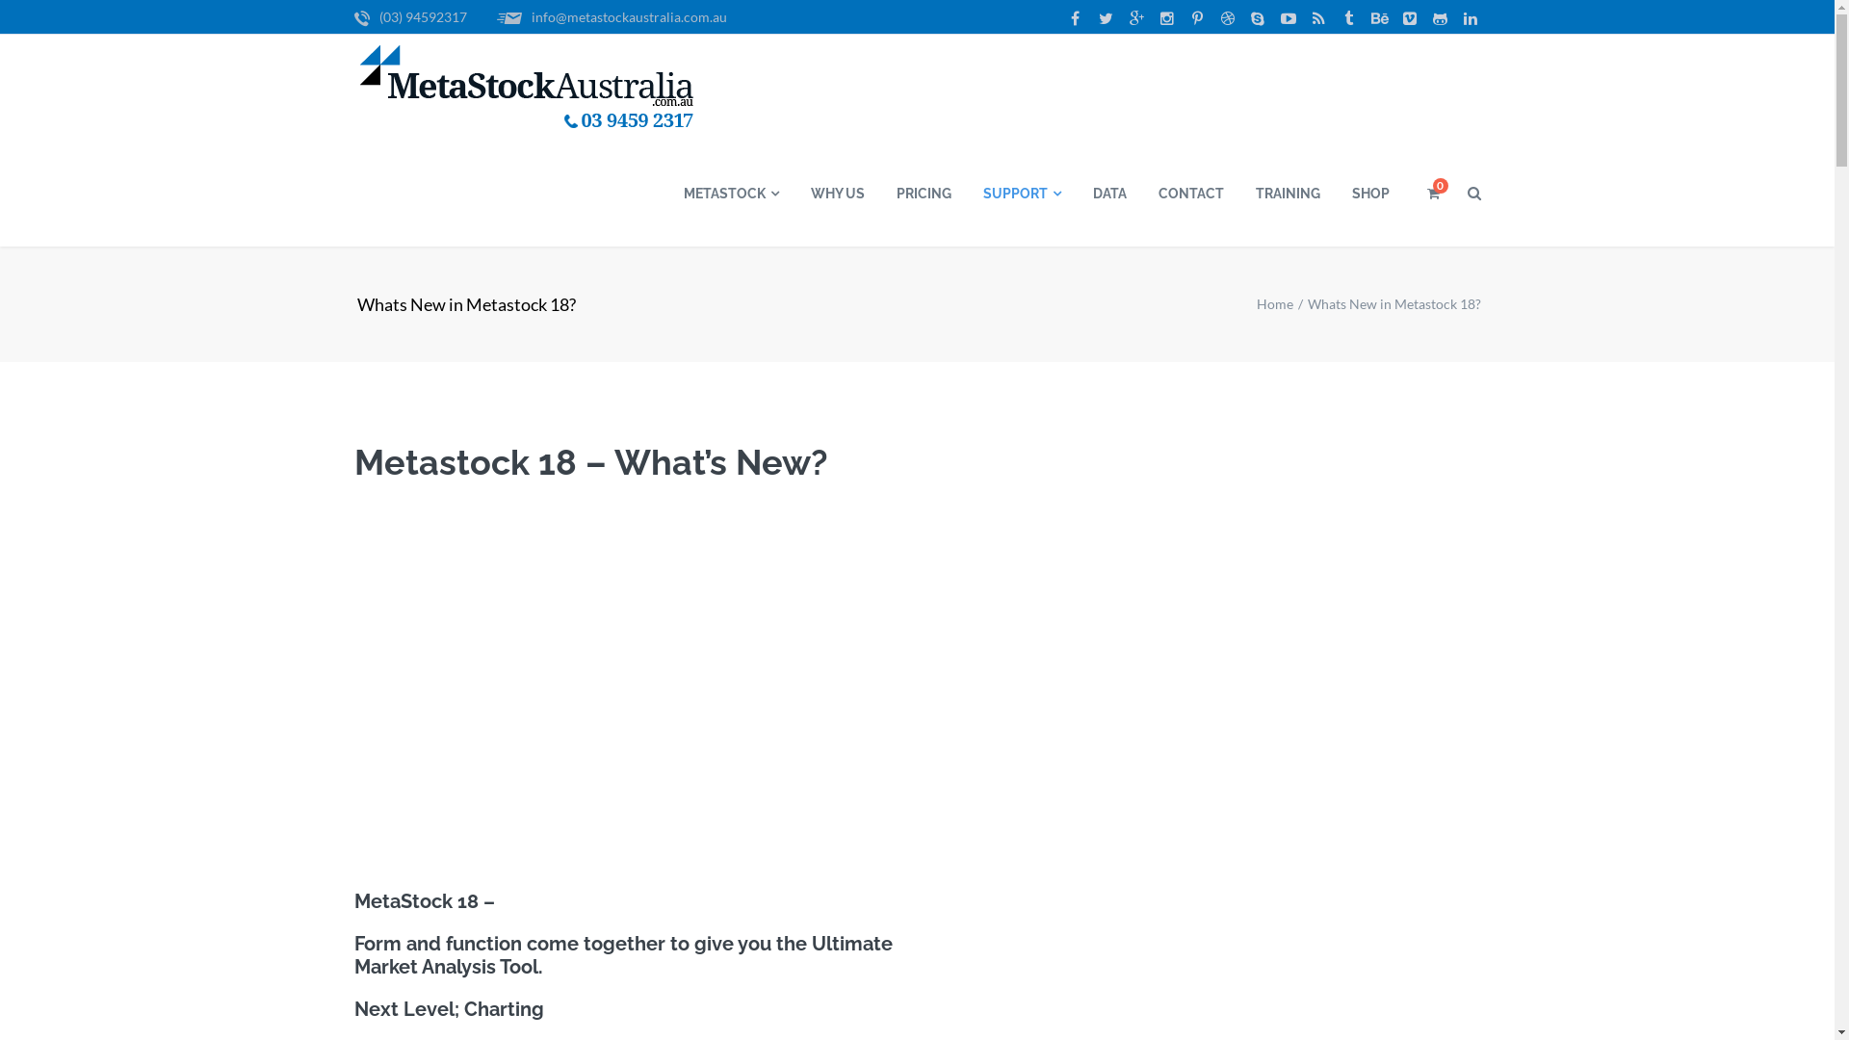  I want to click on 'WHY US', so click(836, 193).